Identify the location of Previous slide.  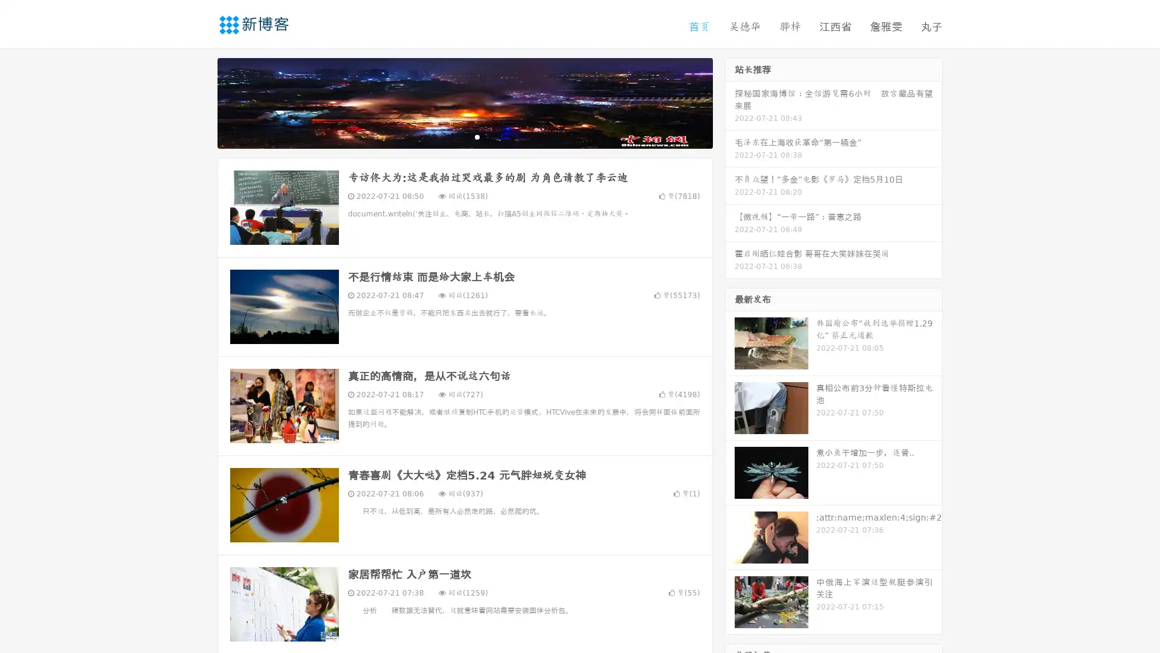
(199, 102).